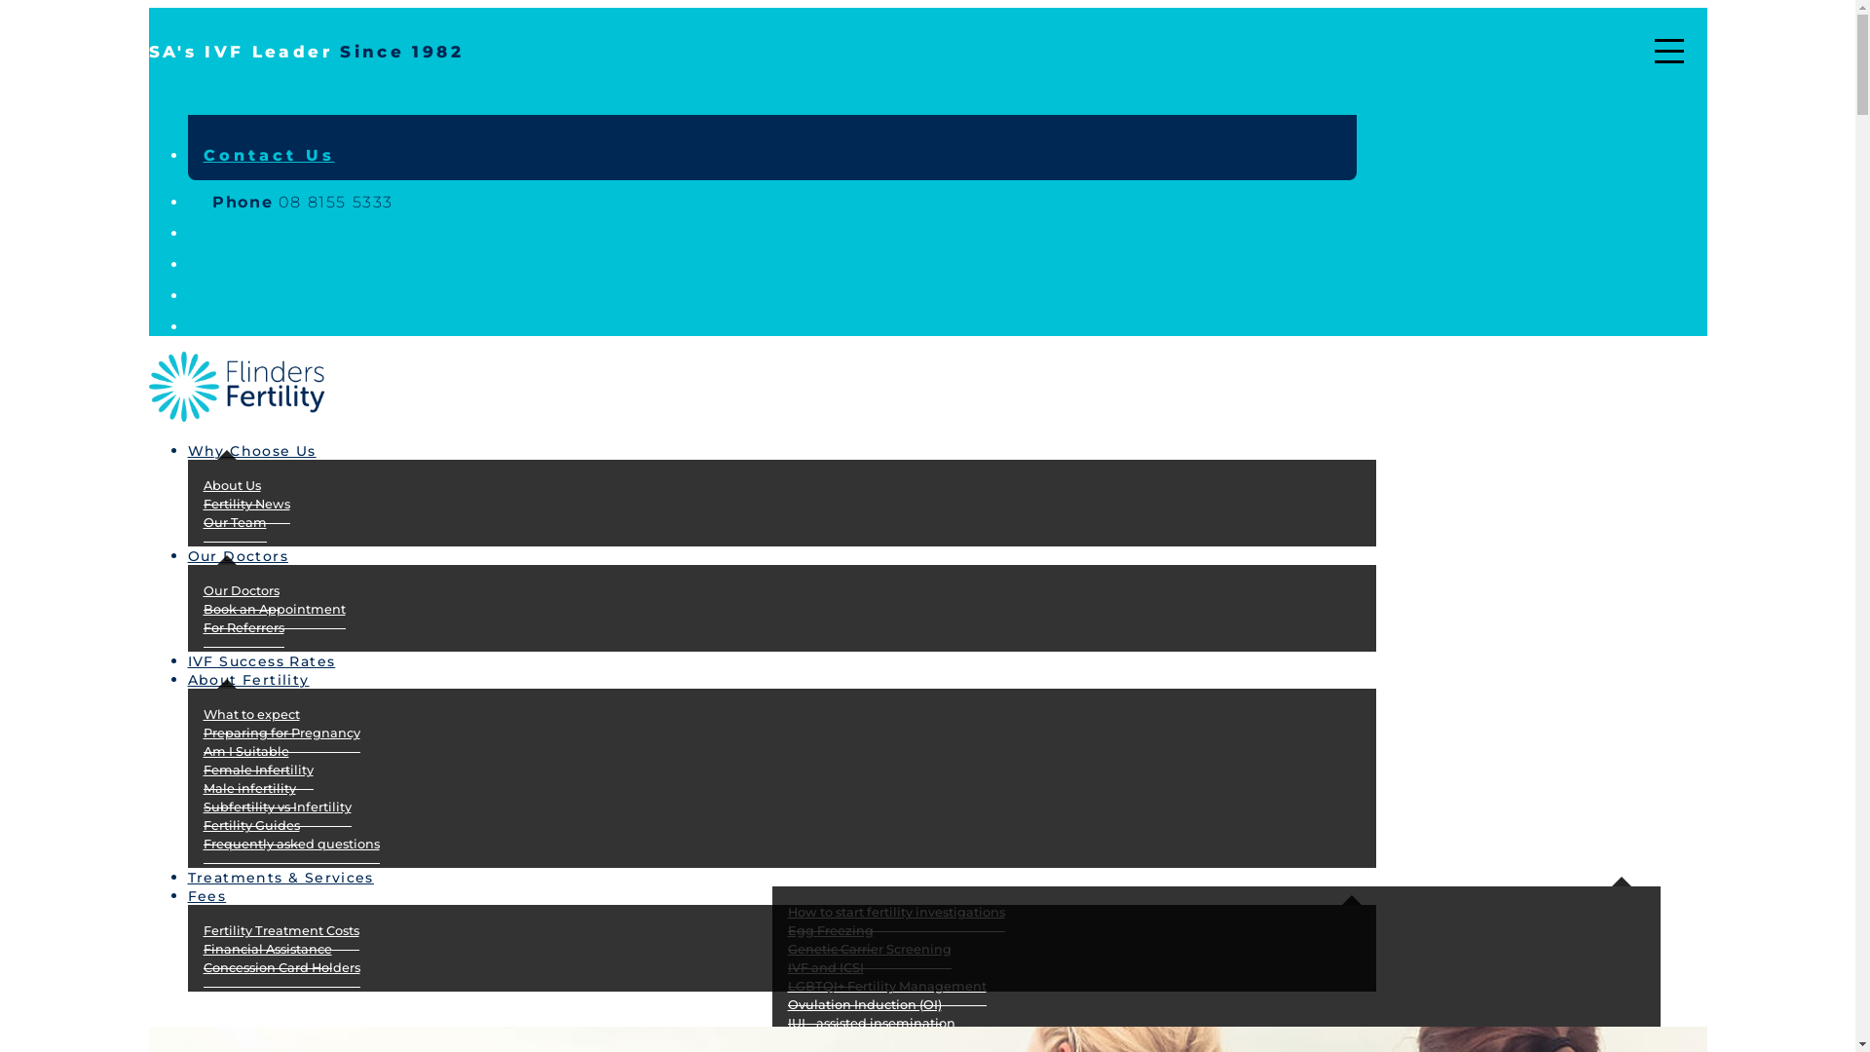 Image resolution: width=1870 pixels, height=1052 pixels. Describe the element at coordinates (280, 930) in the screenshot. I see `'Fertility Treatment Costs'` at that location.